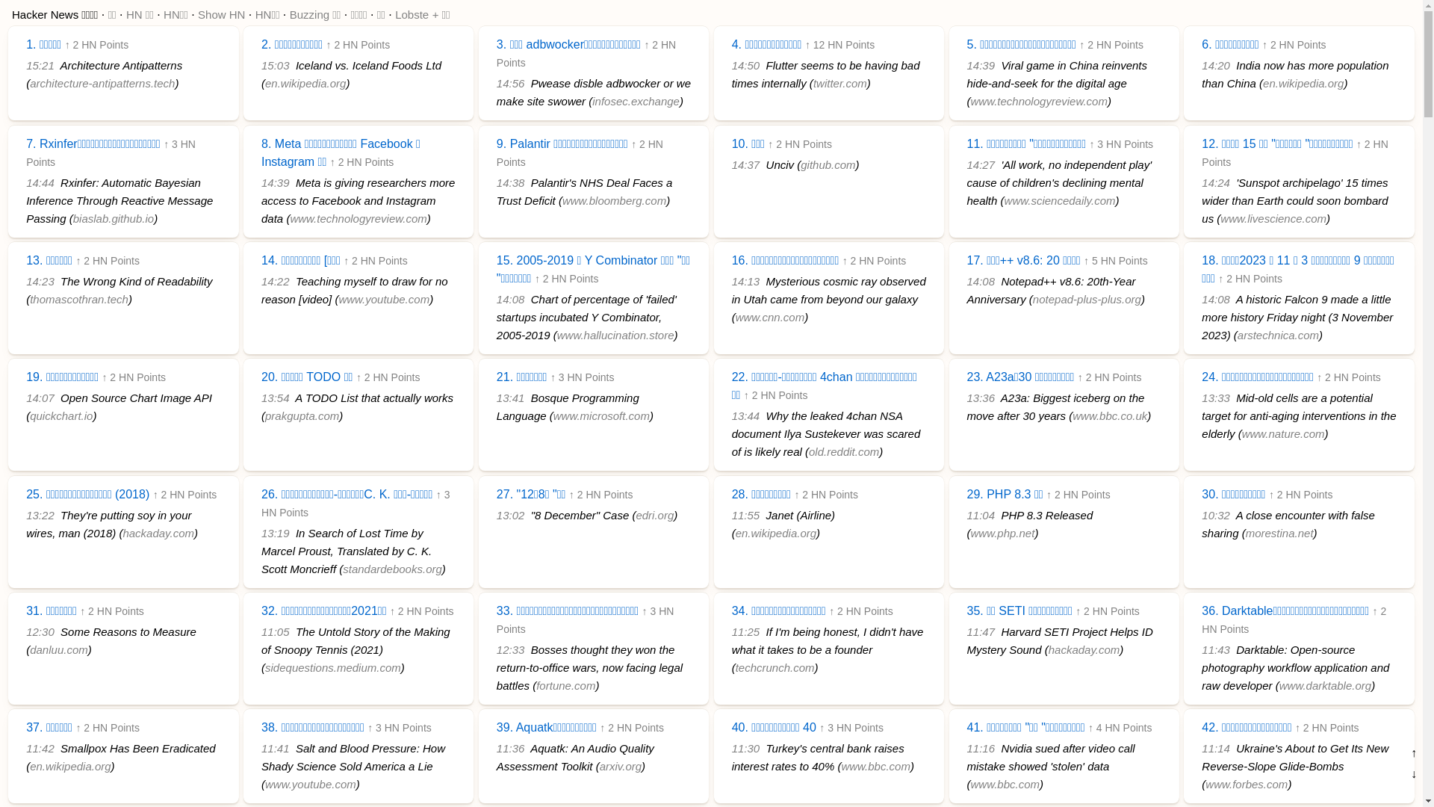 This screenshot has width=1434, height=807. Describe the element at coordinates (58, 649) in the screenshot. I see `'danluu.com'` at that location.